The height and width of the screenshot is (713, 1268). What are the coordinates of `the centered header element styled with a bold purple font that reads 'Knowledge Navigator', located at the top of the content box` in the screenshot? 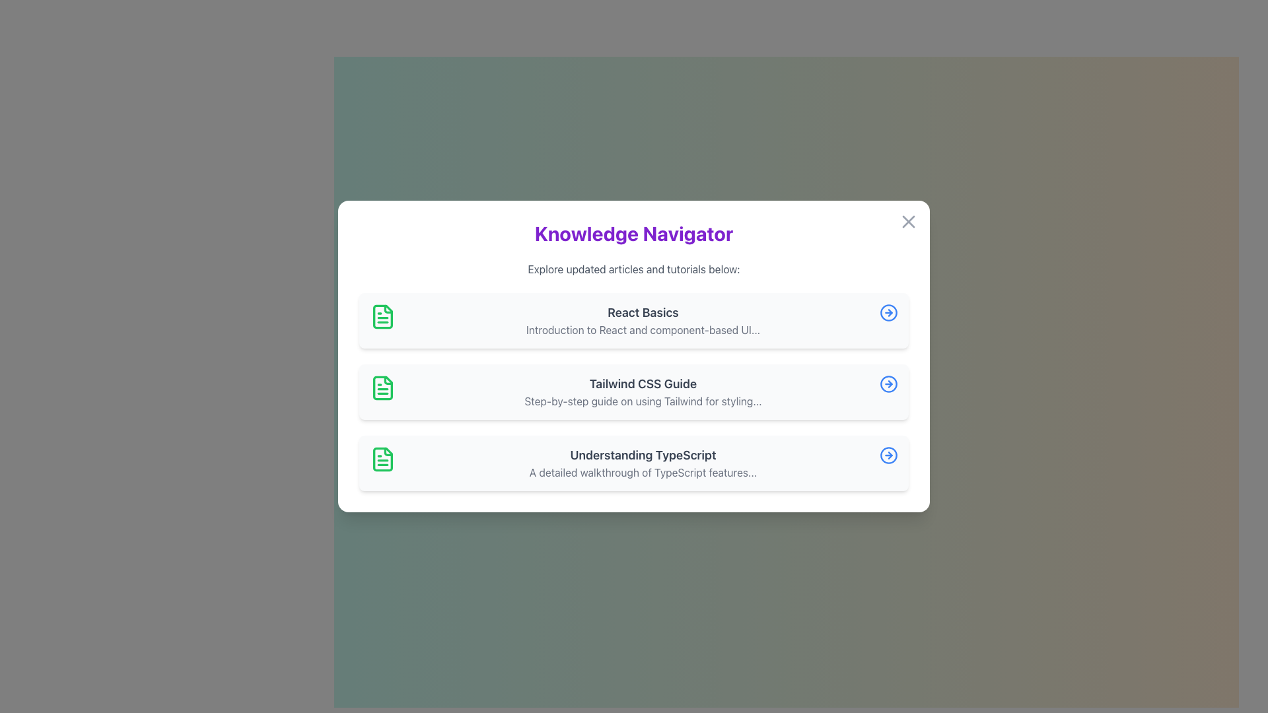 It's located at (634, 233).